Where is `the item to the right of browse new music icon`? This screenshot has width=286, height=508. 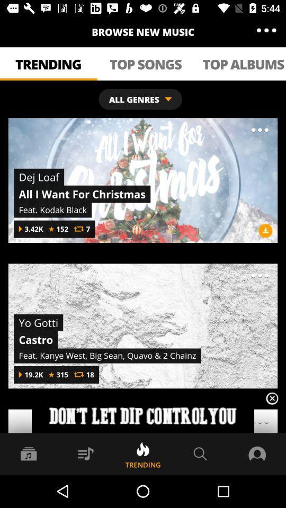 the item to the right of browse new music icon is located at coordinates (266, 30).